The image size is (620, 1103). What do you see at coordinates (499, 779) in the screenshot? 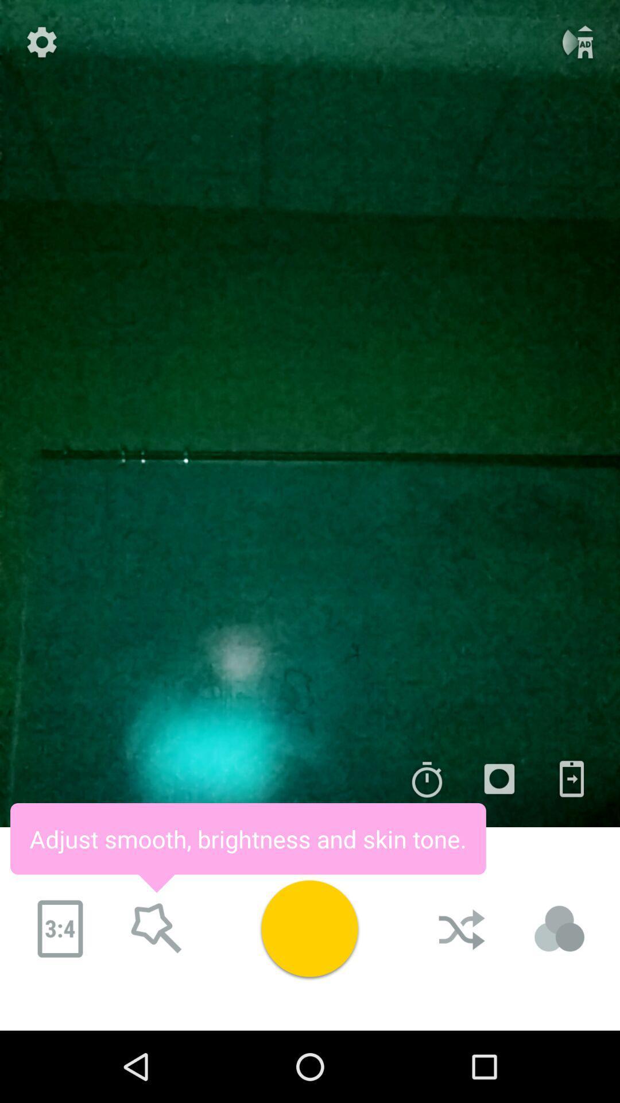
I see `icon` at bounding box center [499, 779].